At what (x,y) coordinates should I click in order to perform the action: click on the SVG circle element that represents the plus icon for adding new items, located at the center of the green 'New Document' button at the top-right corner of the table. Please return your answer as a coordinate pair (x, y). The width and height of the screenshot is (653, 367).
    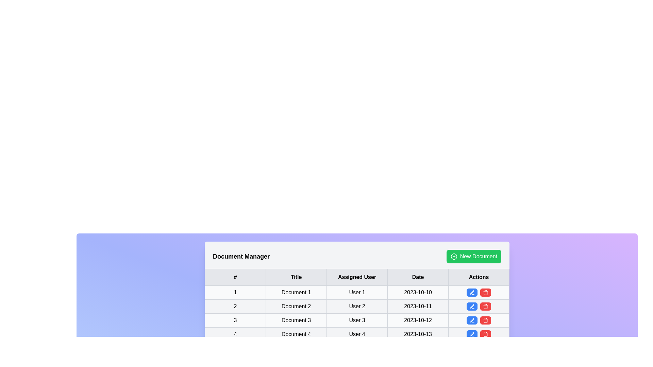
    Looking at the image, I should click on (454, 257).